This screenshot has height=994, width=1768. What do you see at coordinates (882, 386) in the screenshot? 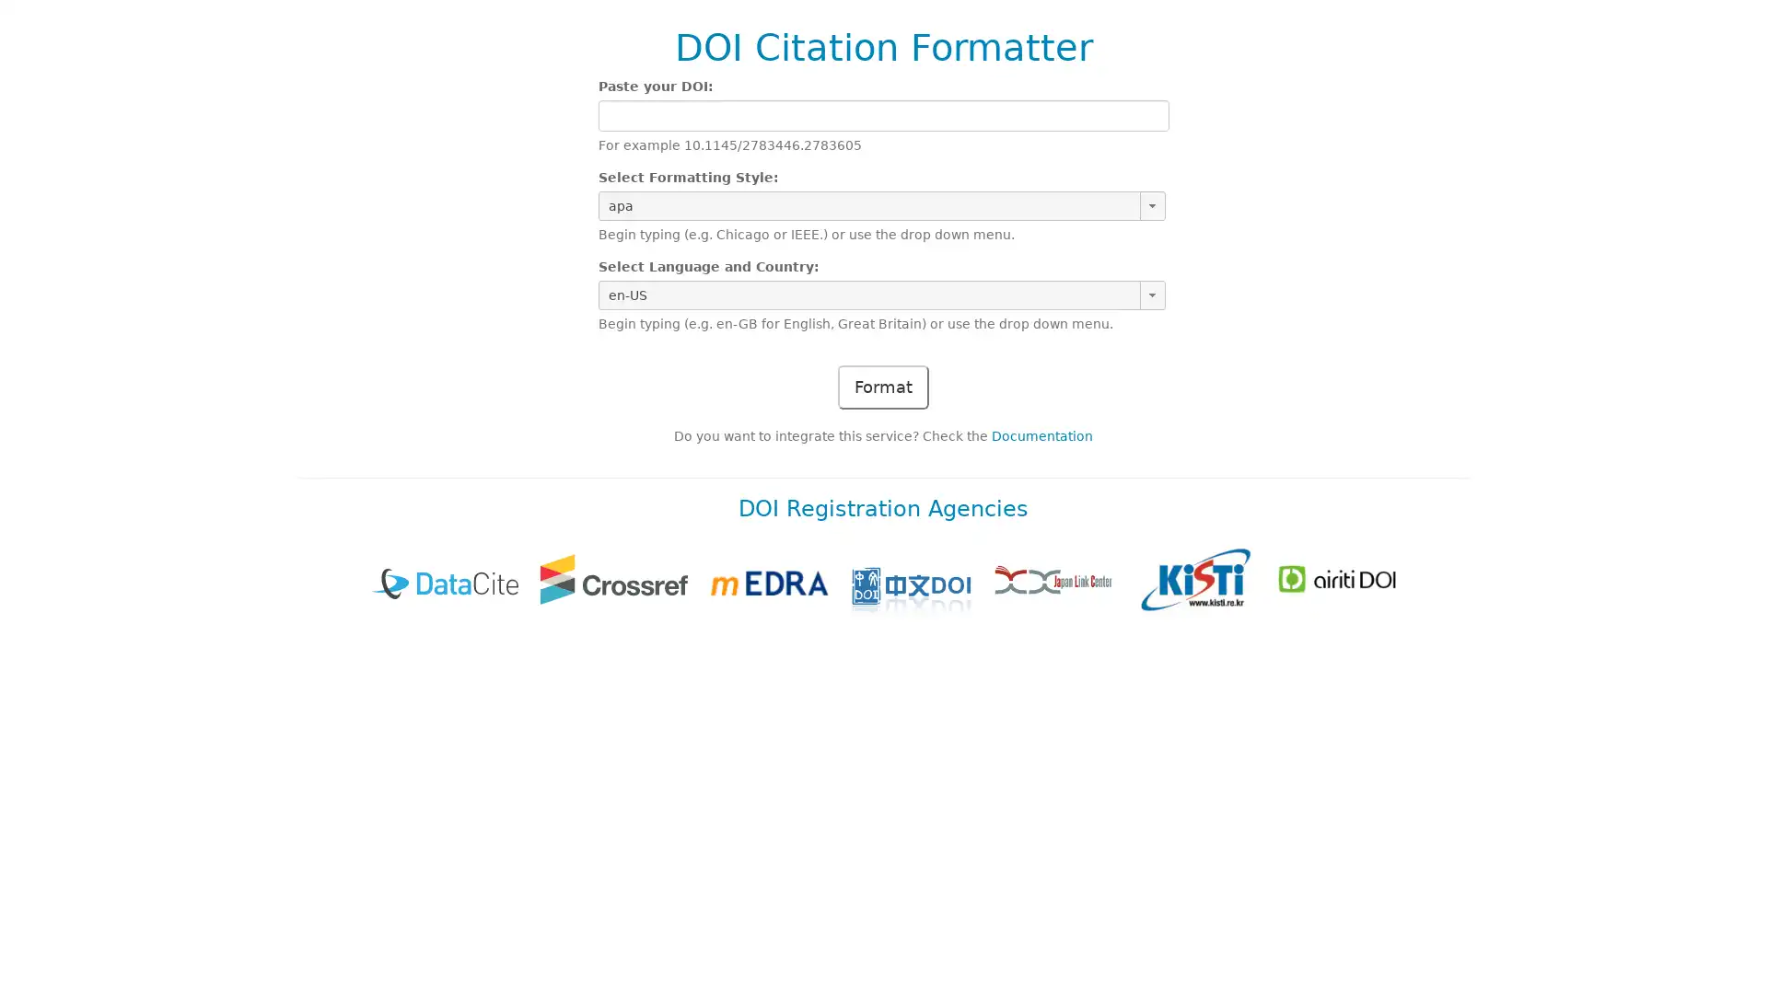
I see `Format` at bounding box center [882, 386].